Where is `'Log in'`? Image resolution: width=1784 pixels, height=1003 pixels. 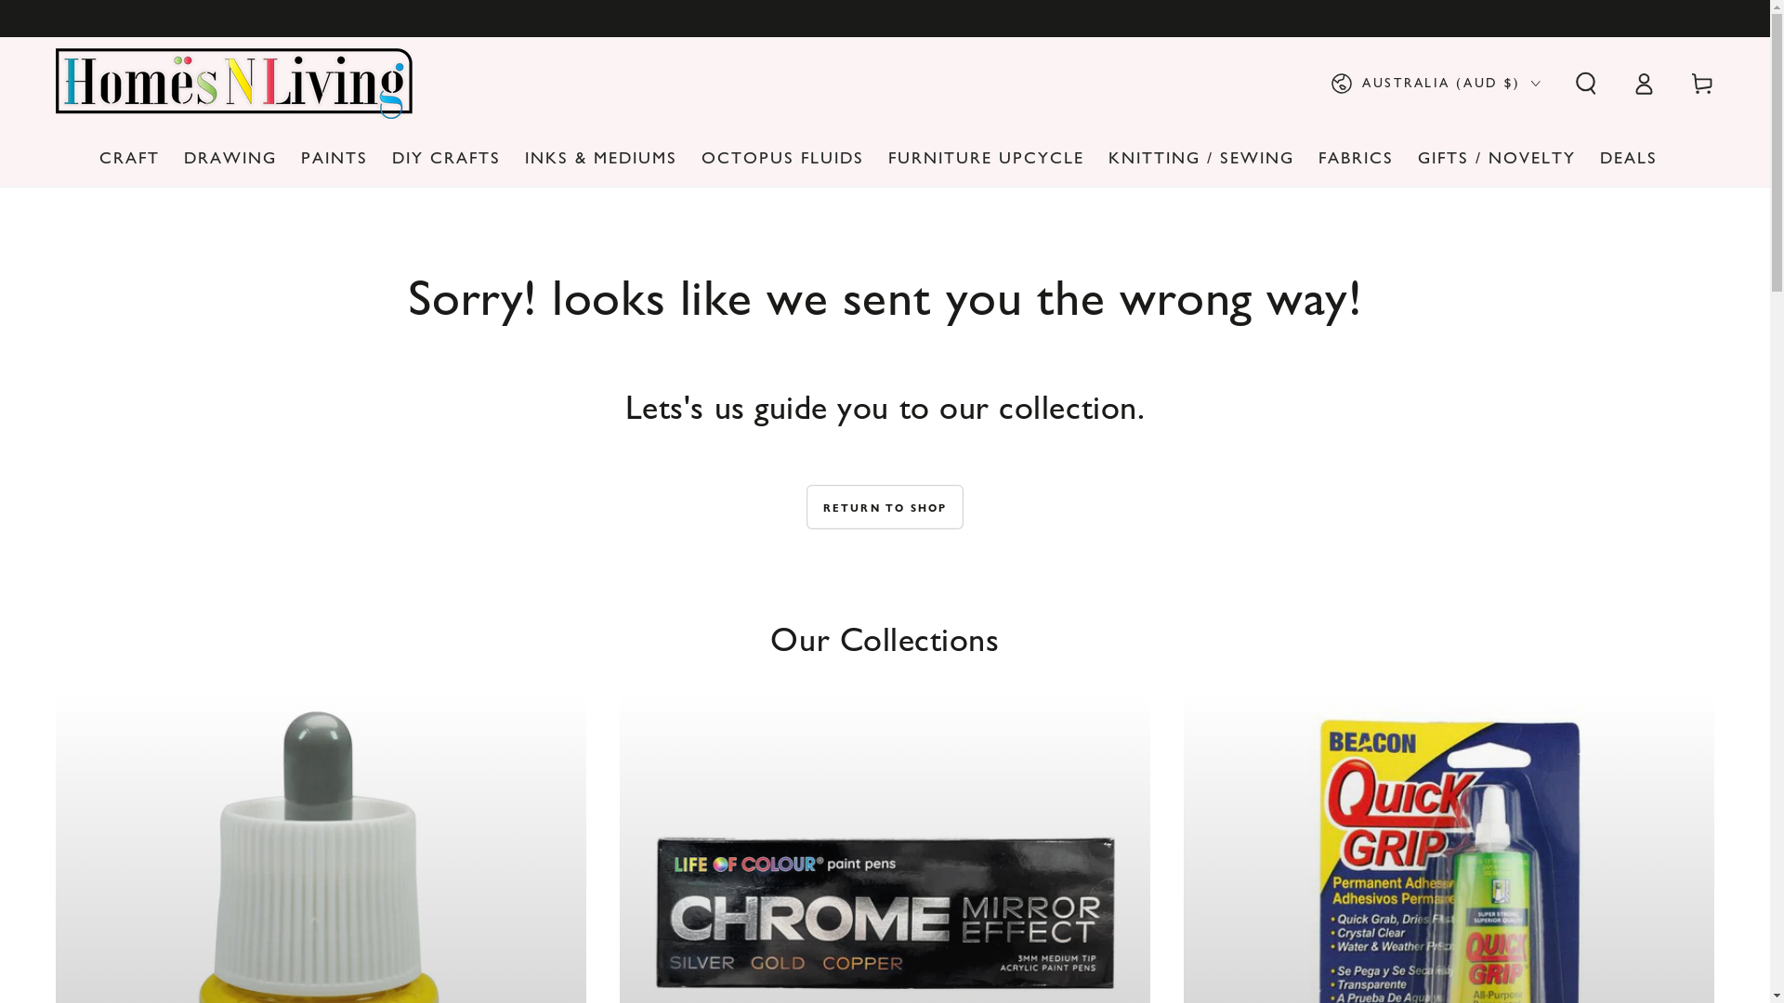 'Log in' is located at coordinates (1644, 84).